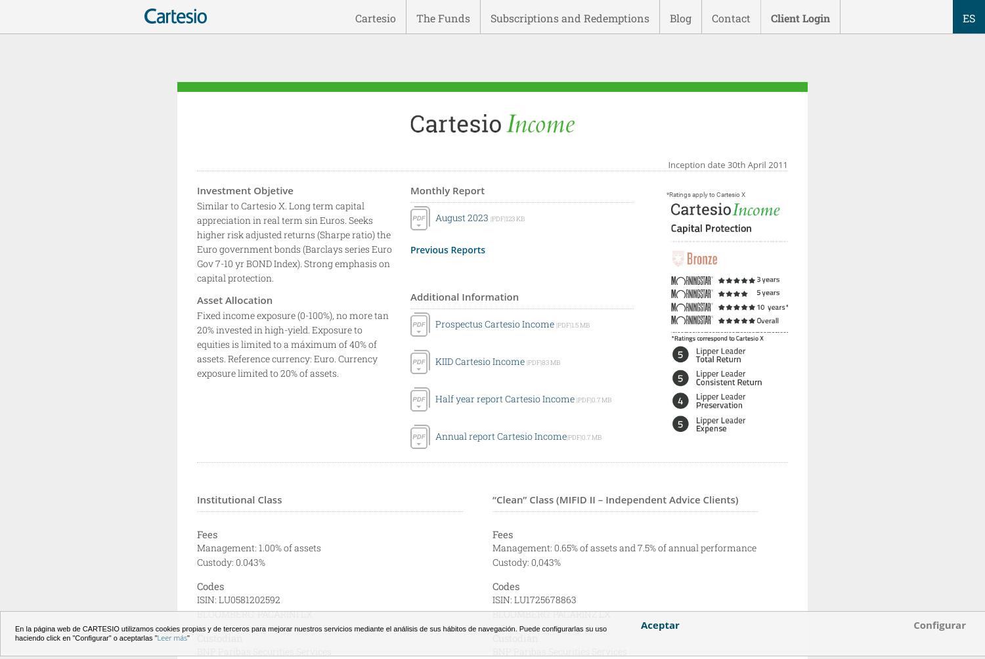 The image size is (985, 659). What do you see at coordinates (234, 299) in the screenshot?
I see `'Asset Allocation'` at bounding box center [234, 299].